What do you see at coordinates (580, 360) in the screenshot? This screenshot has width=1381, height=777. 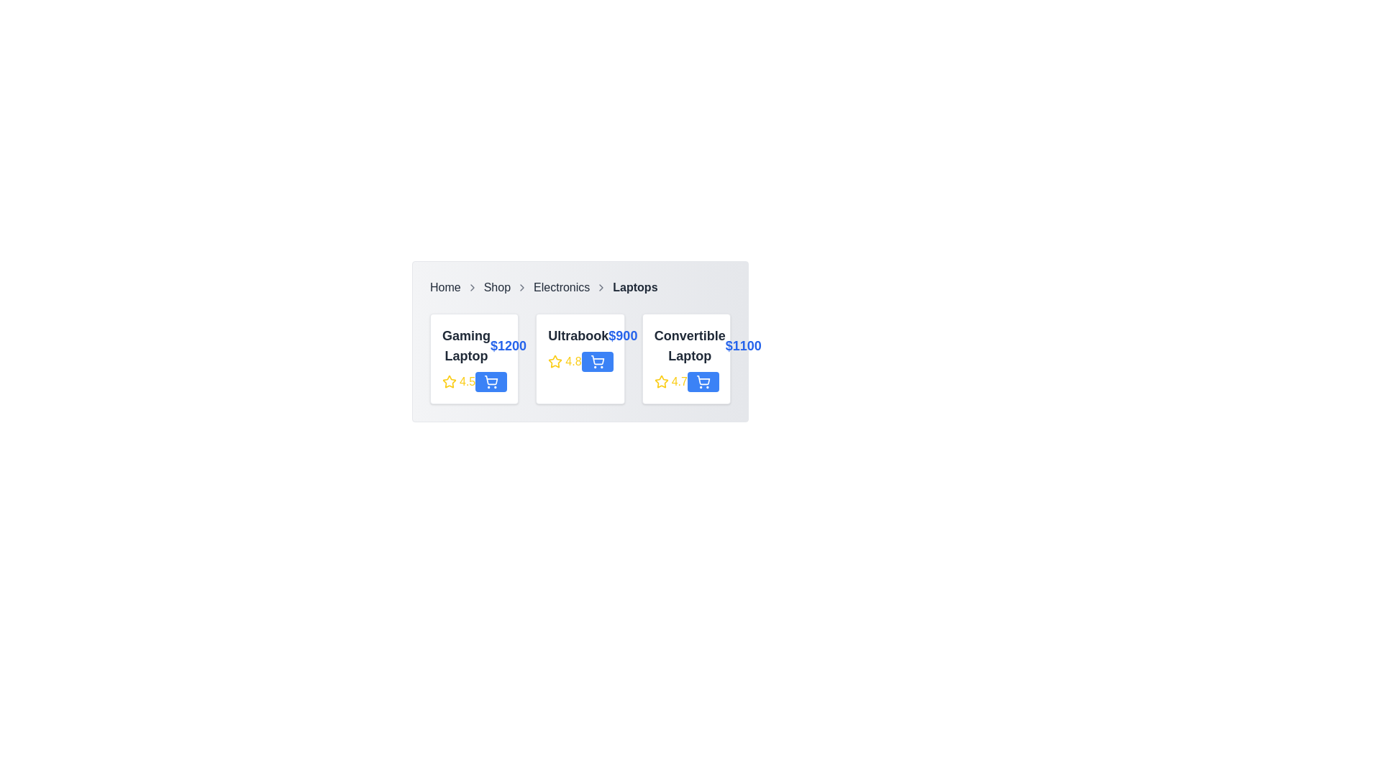 I see `the Text element that displays the rating score for the 'Ultrabook' product, located at the bottom-left of the card between the yellow star icon and the blue shopping cart icon` at bounding box center [580, 360].